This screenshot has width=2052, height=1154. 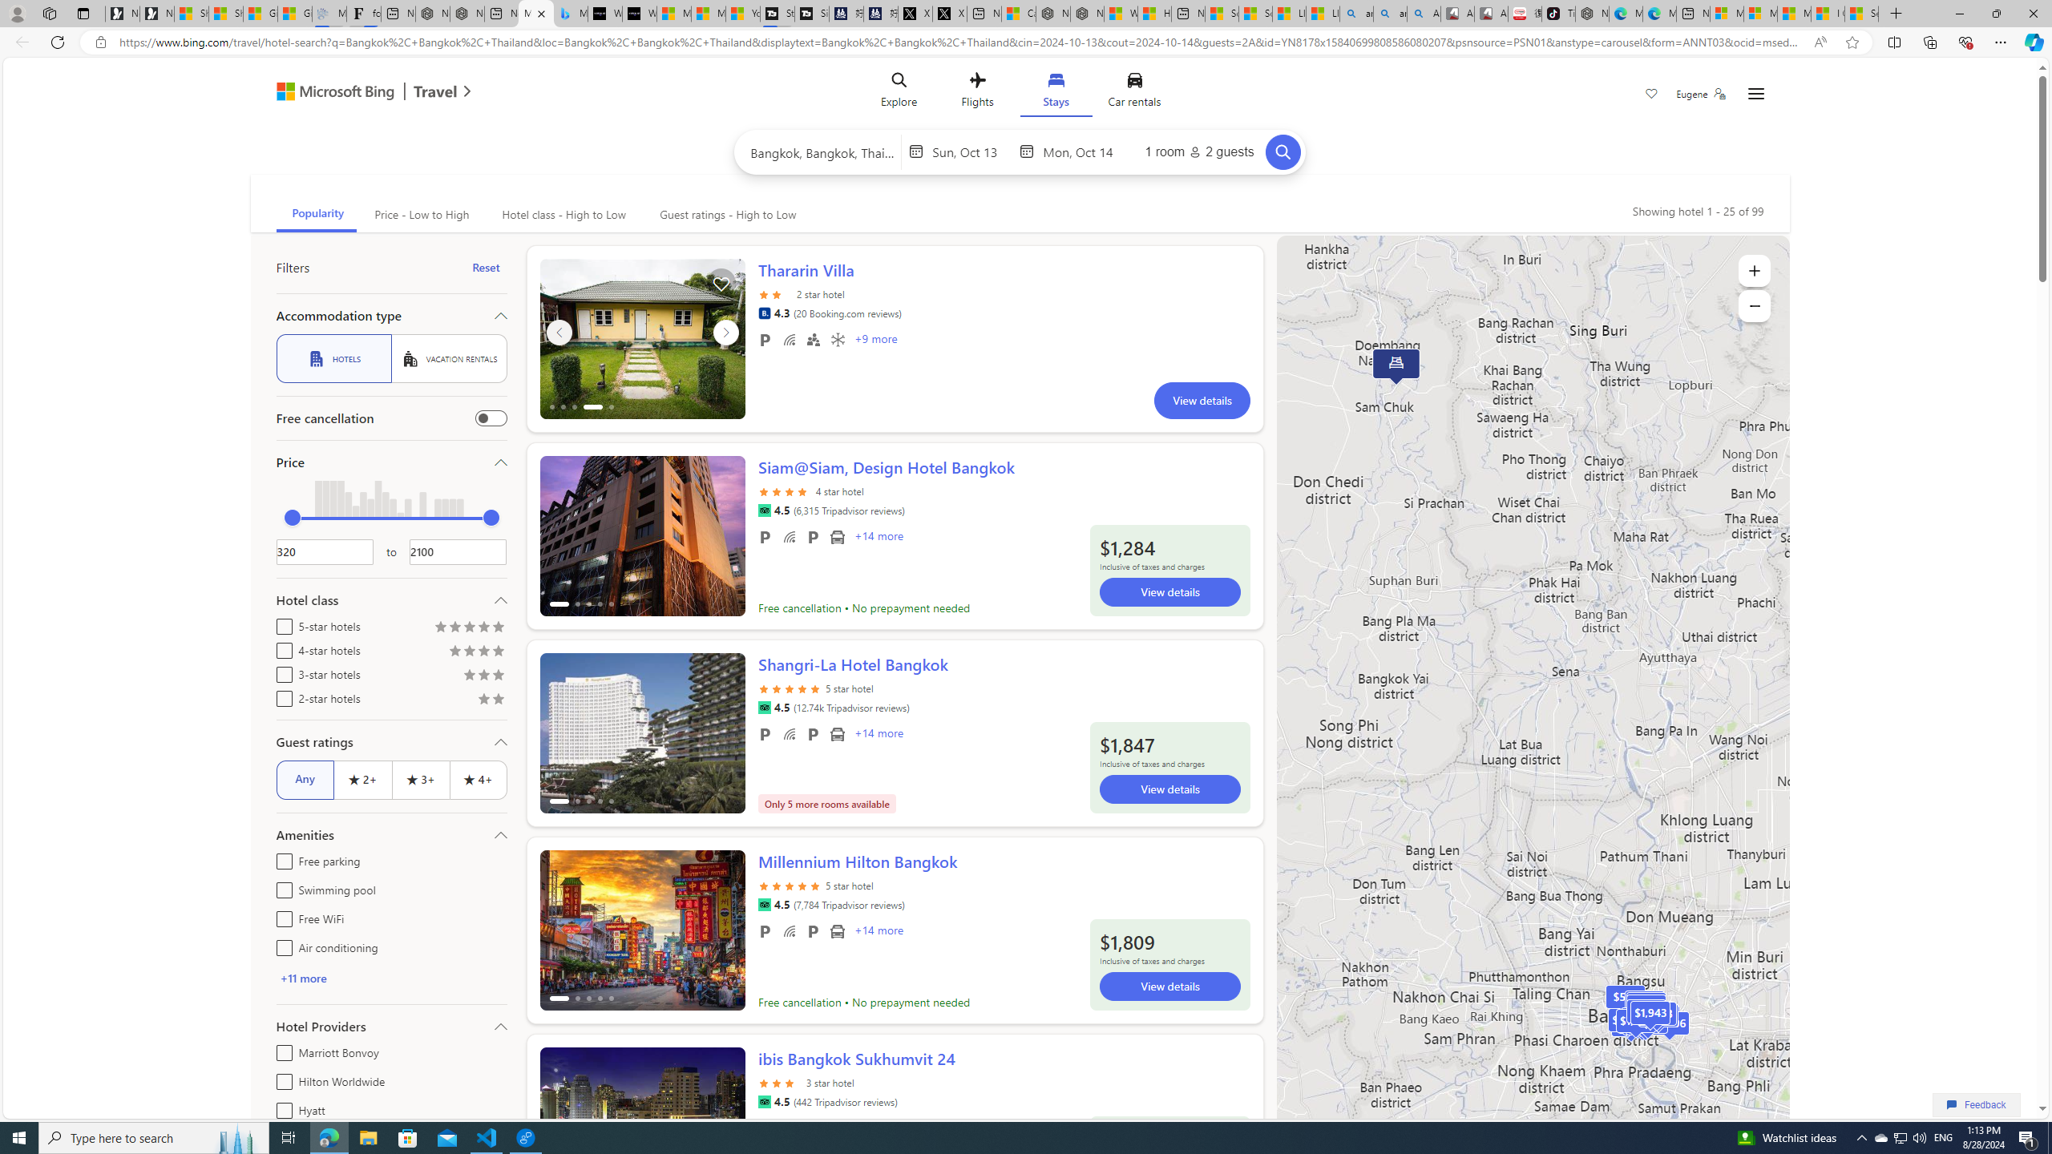 What do you see at coordinates (281, 1079) in the screenshot?
I see `'Hilton Worldwide'` at bounding box center [281, 1079].